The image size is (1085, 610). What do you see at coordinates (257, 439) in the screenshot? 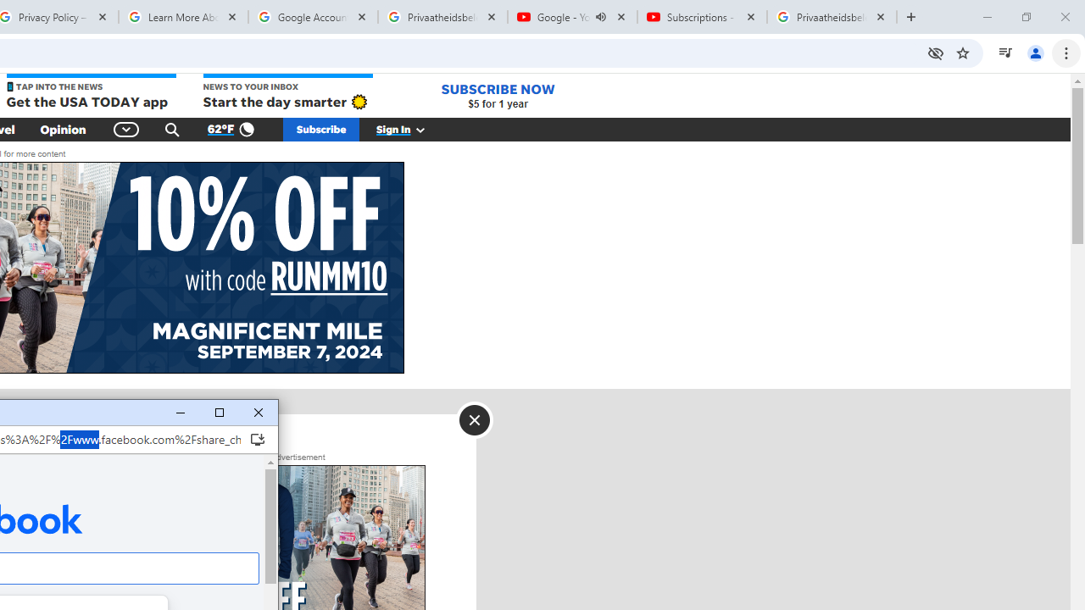
I see `'Install Facebook'` at bounding box center [257, 439].